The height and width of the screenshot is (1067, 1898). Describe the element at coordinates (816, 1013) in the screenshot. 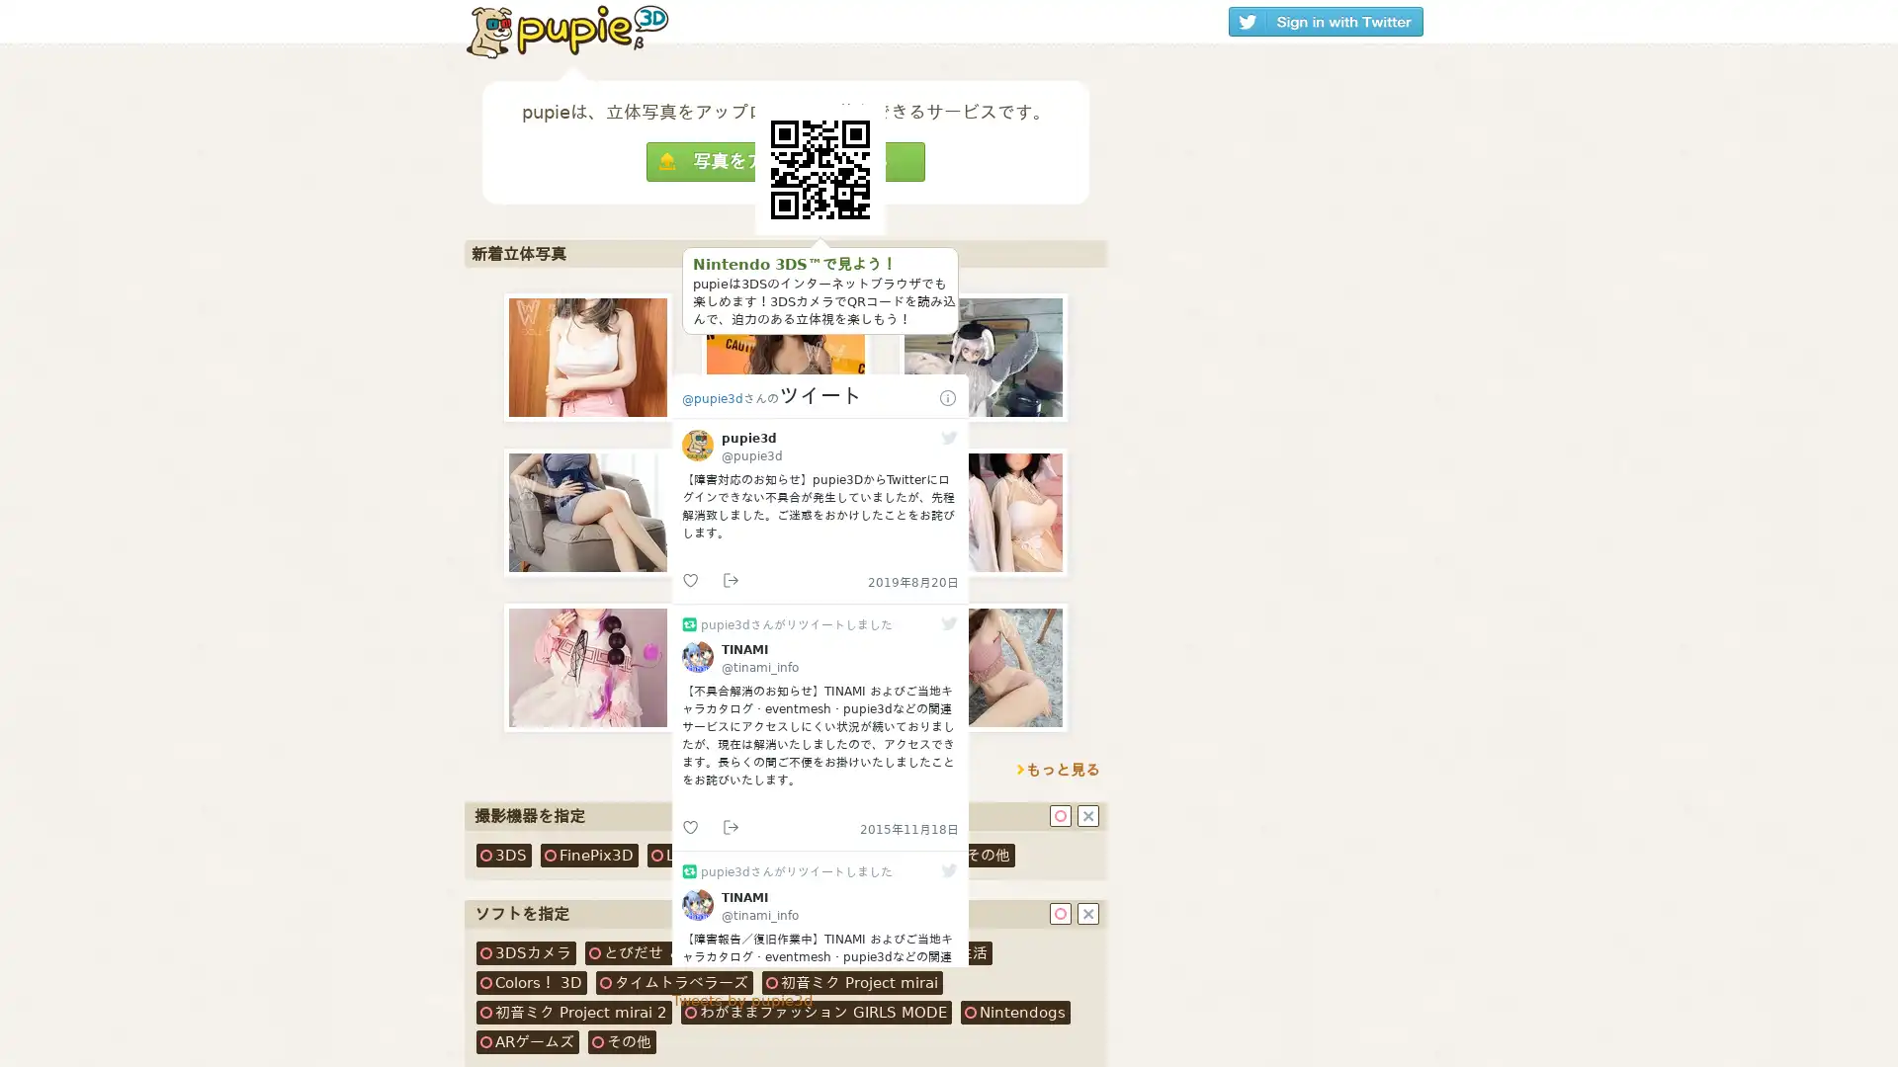

I see `GIRLS MODE` at that location.